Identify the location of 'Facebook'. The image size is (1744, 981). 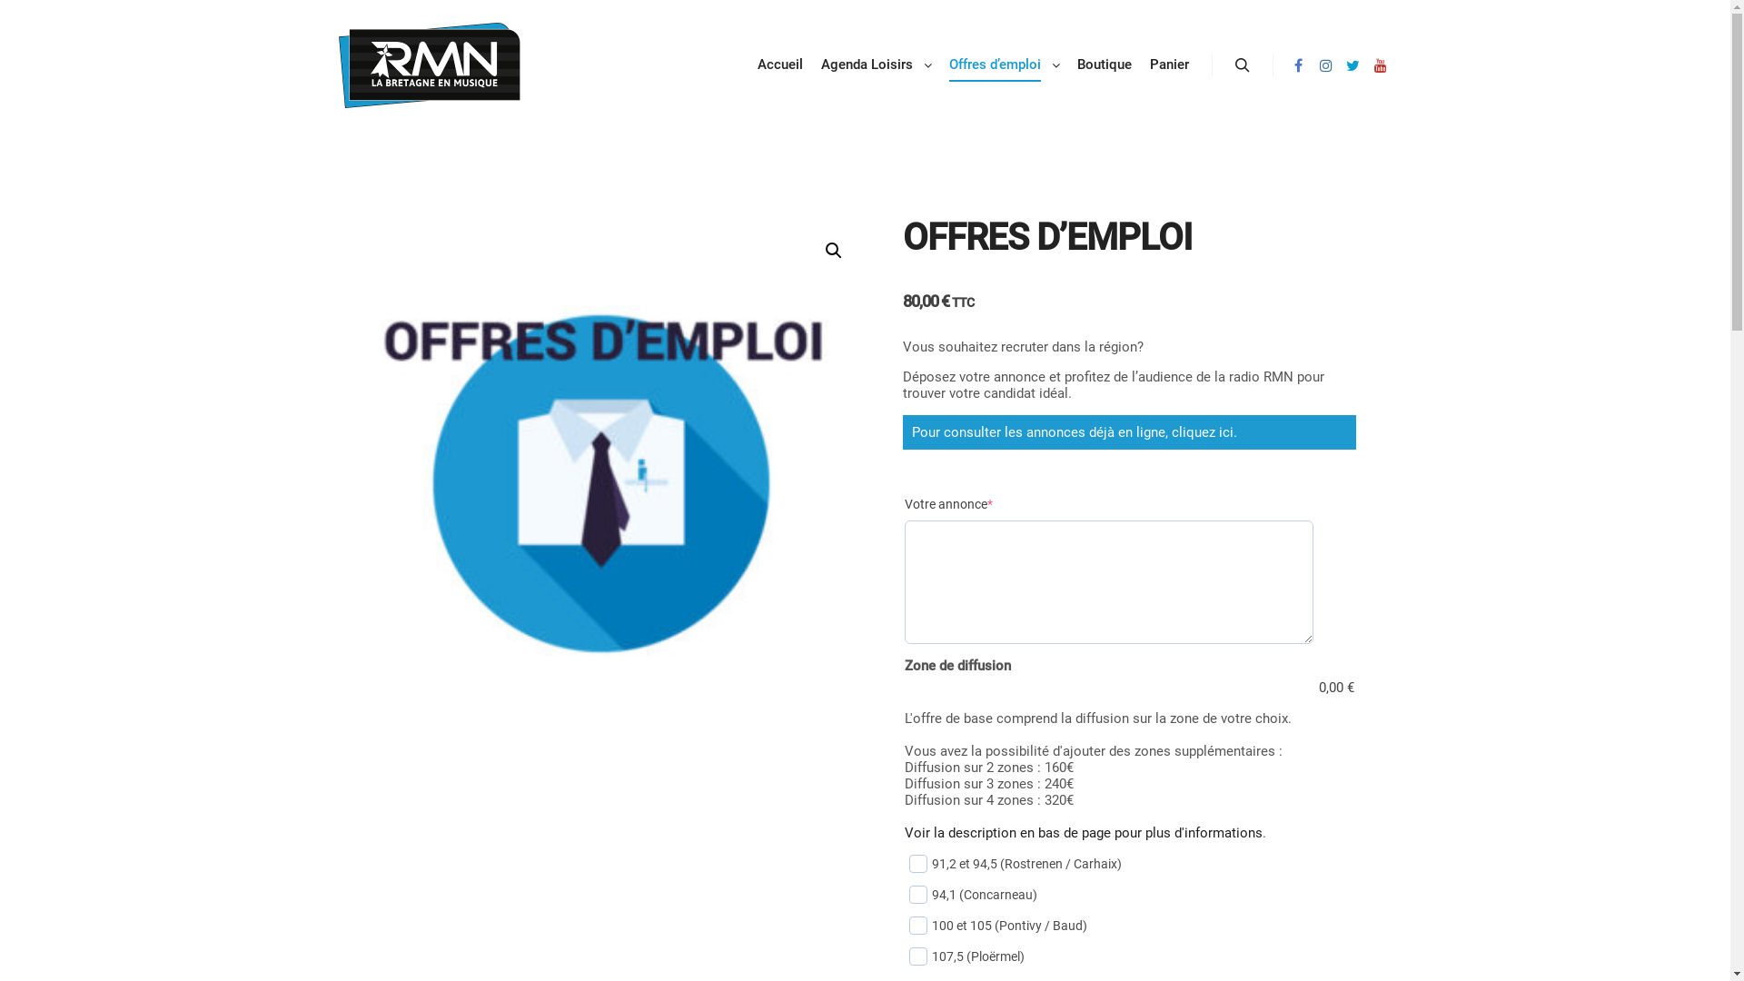
(1285, 64).